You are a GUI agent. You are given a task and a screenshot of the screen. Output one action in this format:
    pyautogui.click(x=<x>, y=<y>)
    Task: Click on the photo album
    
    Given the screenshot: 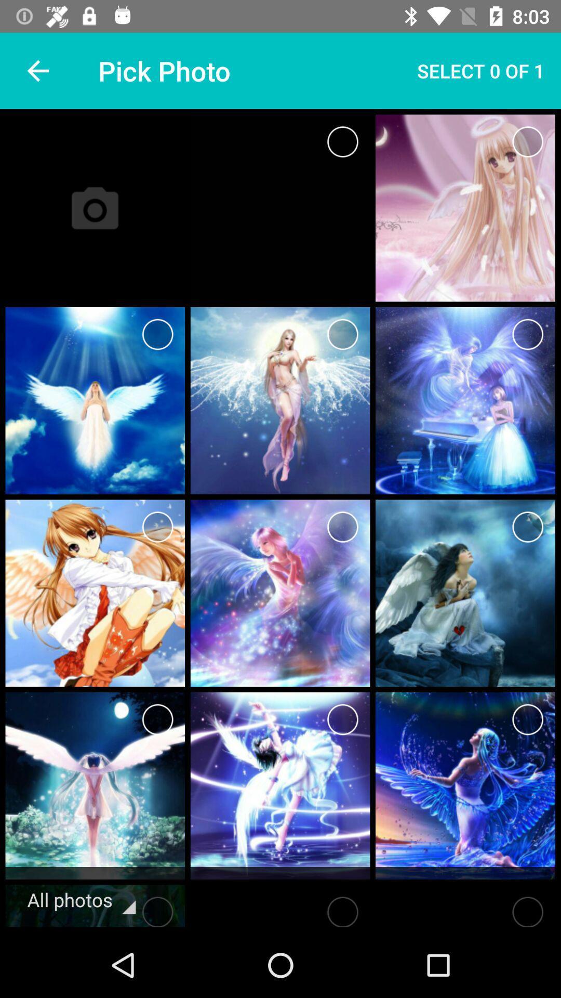 What is the action you would take?
    pyautogui.click(x=342, y=141)
    